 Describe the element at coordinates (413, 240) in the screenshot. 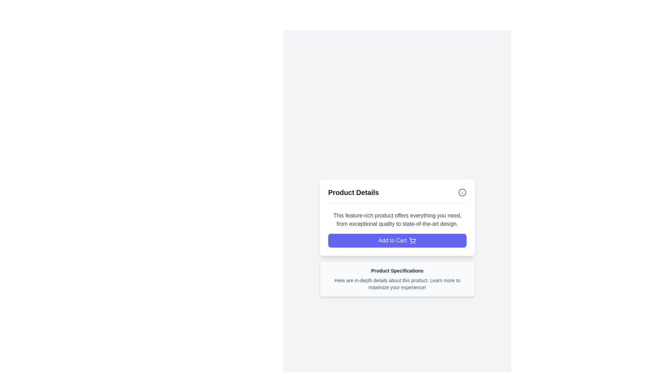

I see `the shopping cart icon, which is a wireframe cart with two wheels, located within the blue 'Add to Cart' button` at that location.